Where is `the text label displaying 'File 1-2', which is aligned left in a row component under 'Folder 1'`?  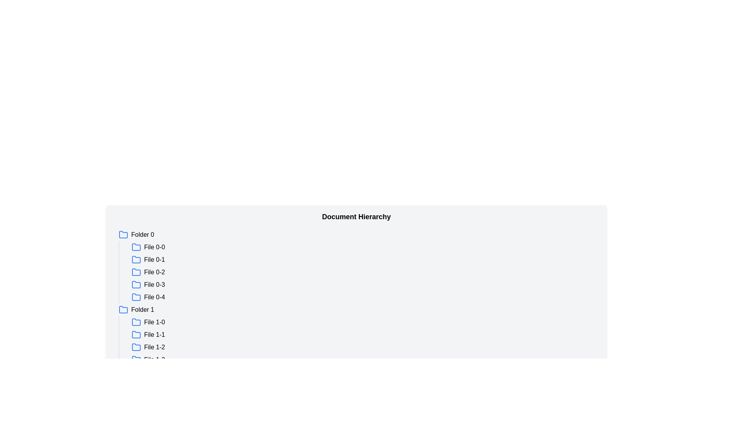
the text label displaying 'File 1-2', which is aligned left in a row component under 'Folder 1' is located at coordinates (154, 347).